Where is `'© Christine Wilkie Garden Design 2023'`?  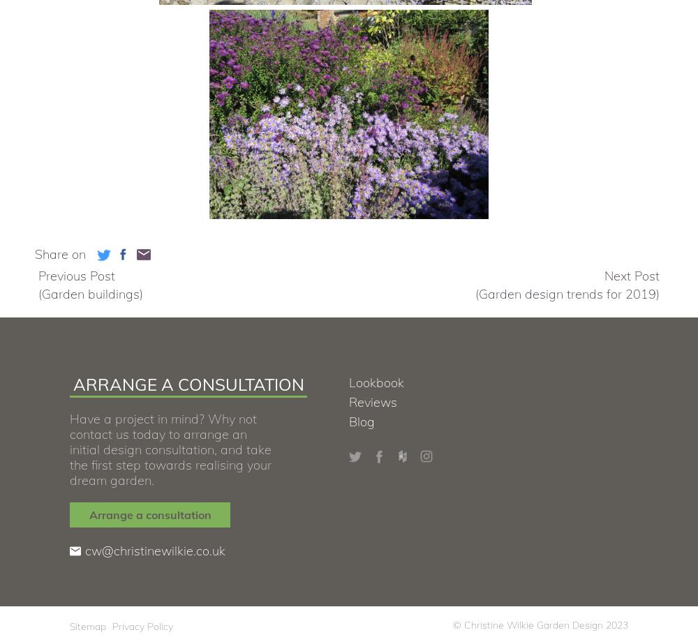
'© Christine Wilkie Garden Design 2023' is located at coordinates (540, 624).